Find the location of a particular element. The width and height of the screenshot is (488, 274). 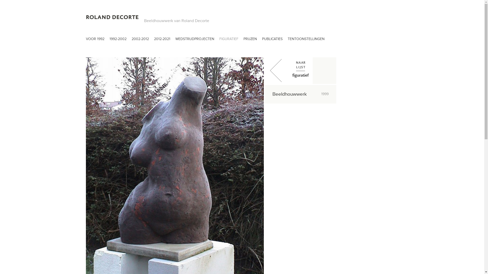

'2002-2012' is located at coordinates (140, 40).